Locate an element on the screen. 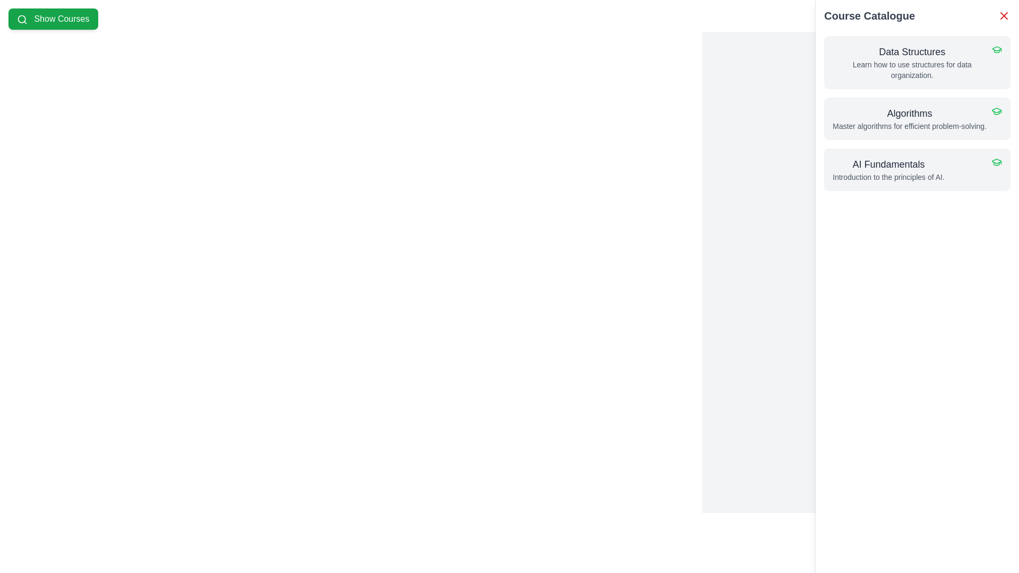 Image resolution: width=1019 pixels, height=573 pixels. the course overview card titled 'Algorithms' in the right-aligned sidebar under 'Course Catalogue' is located at coordinates (909, 118).